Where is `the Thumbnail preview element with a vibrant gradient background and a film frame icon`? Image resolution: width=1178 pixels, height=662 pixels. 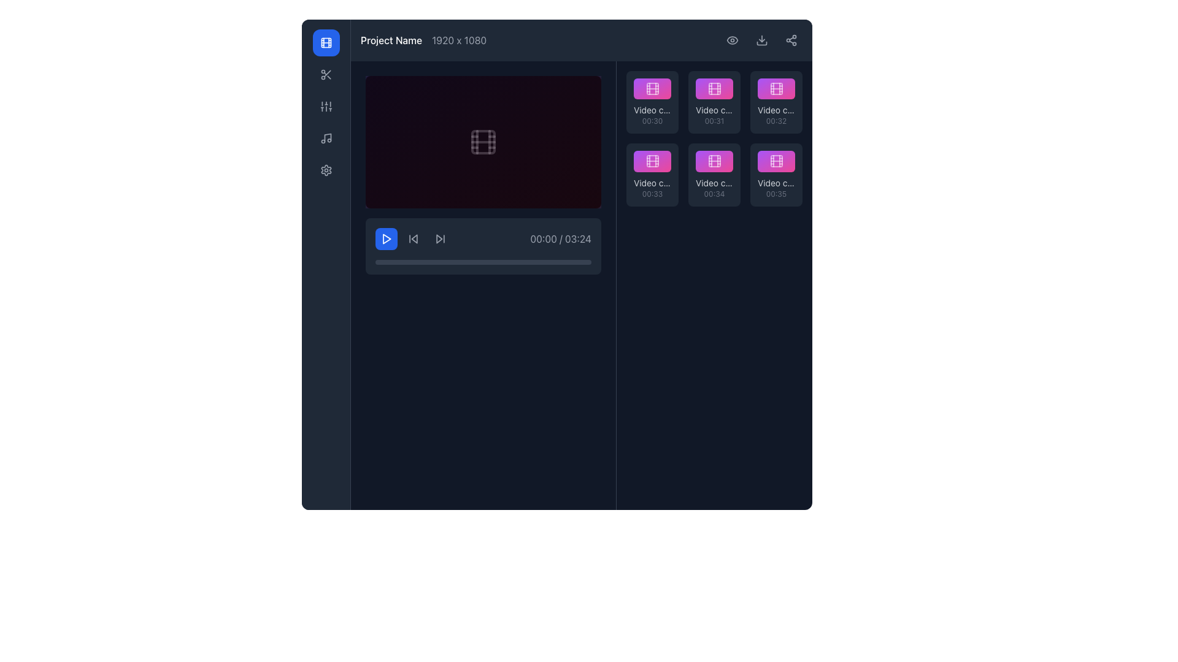
the Thumbnail preview element with a vibrant gradient background and a film frame icon is located at coordinates (776, 88).